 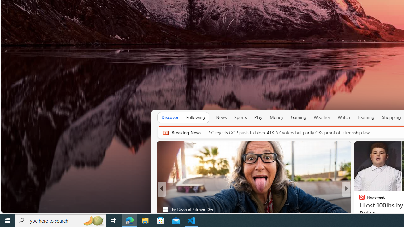 What do you see at coordinates (343, 117) in the screenshot?
I see `'Watch'` at bounding box center [343, 117].